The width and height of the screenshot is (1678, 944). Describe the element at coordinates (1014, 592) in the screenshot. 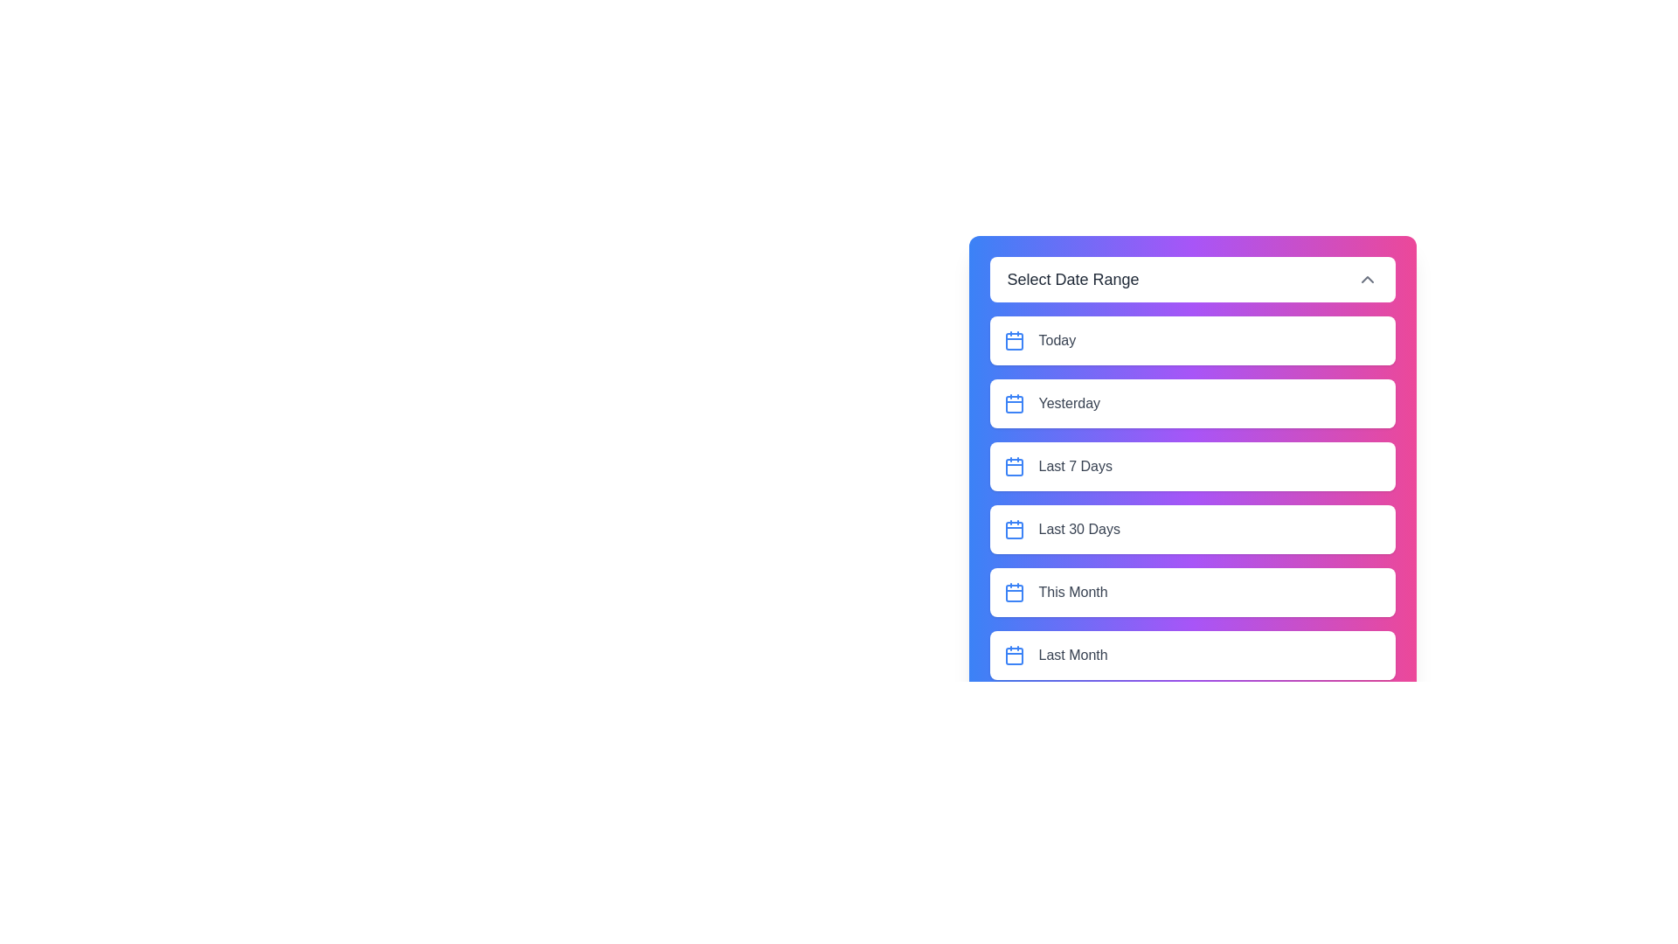

I see `the icon next to the date range This Month` at that location.